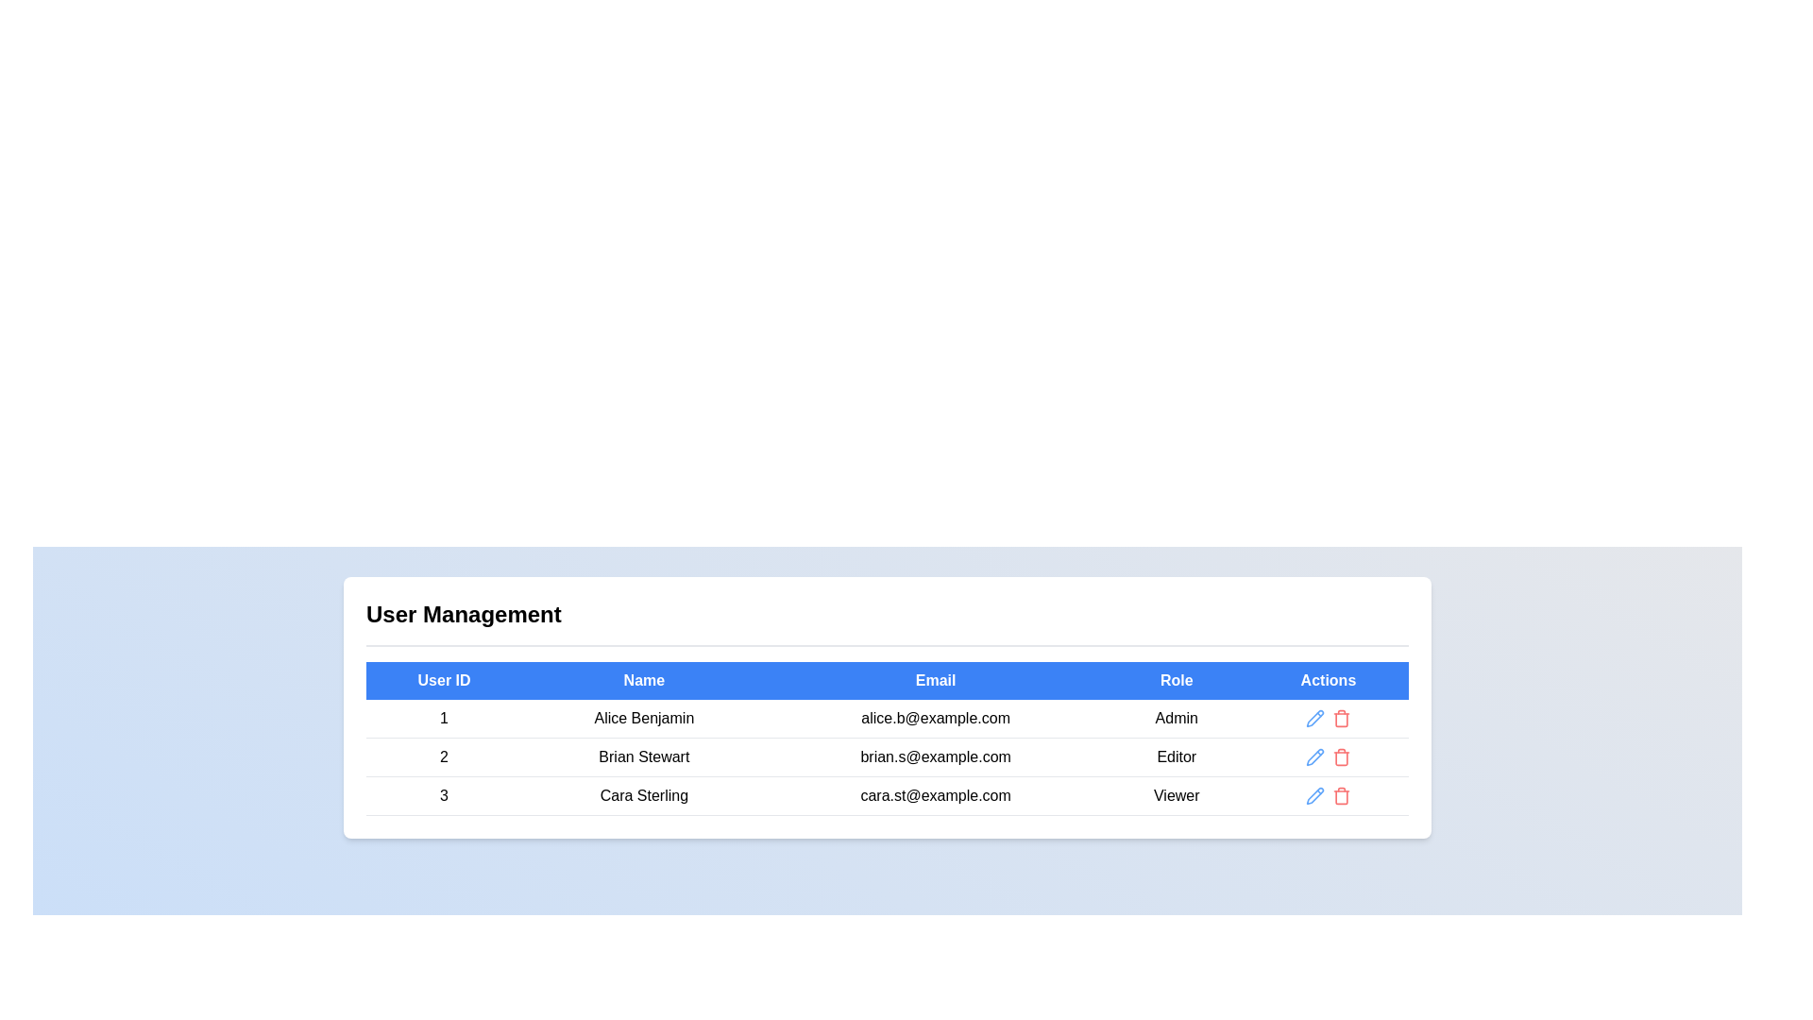 The width and height of the screenshot is (1813, 1020). Describe the element at coordinates (936, 756) in the screenshot. I see `the static text element displaying 'brian.s@example.com' located in the second row of the 'User Management' table under the 'Email' column` at that location.